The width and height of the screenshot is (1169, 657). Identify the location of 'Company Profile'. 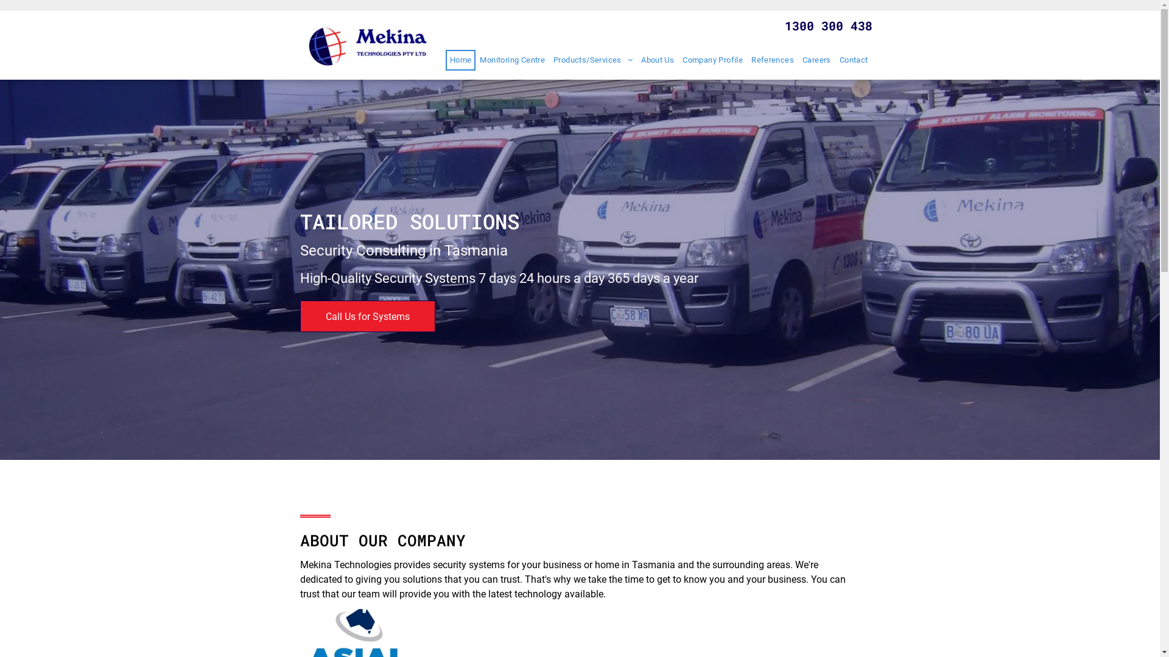
(677, 60).